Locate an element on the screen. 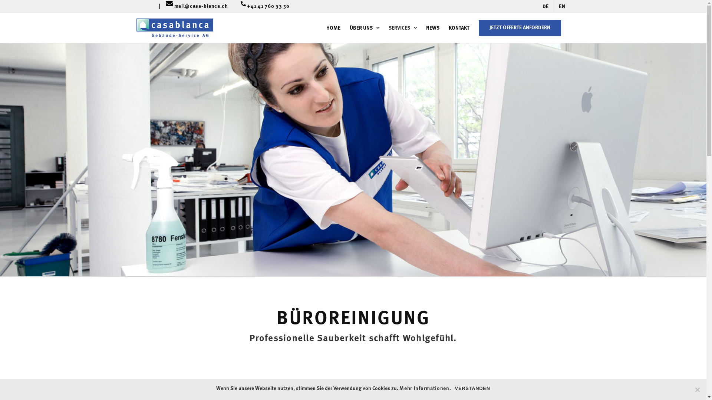 Image resolution: width=712 pixels, height=400 pixels. 'Mehr Informationen.' is located at coordinates (399, 388).